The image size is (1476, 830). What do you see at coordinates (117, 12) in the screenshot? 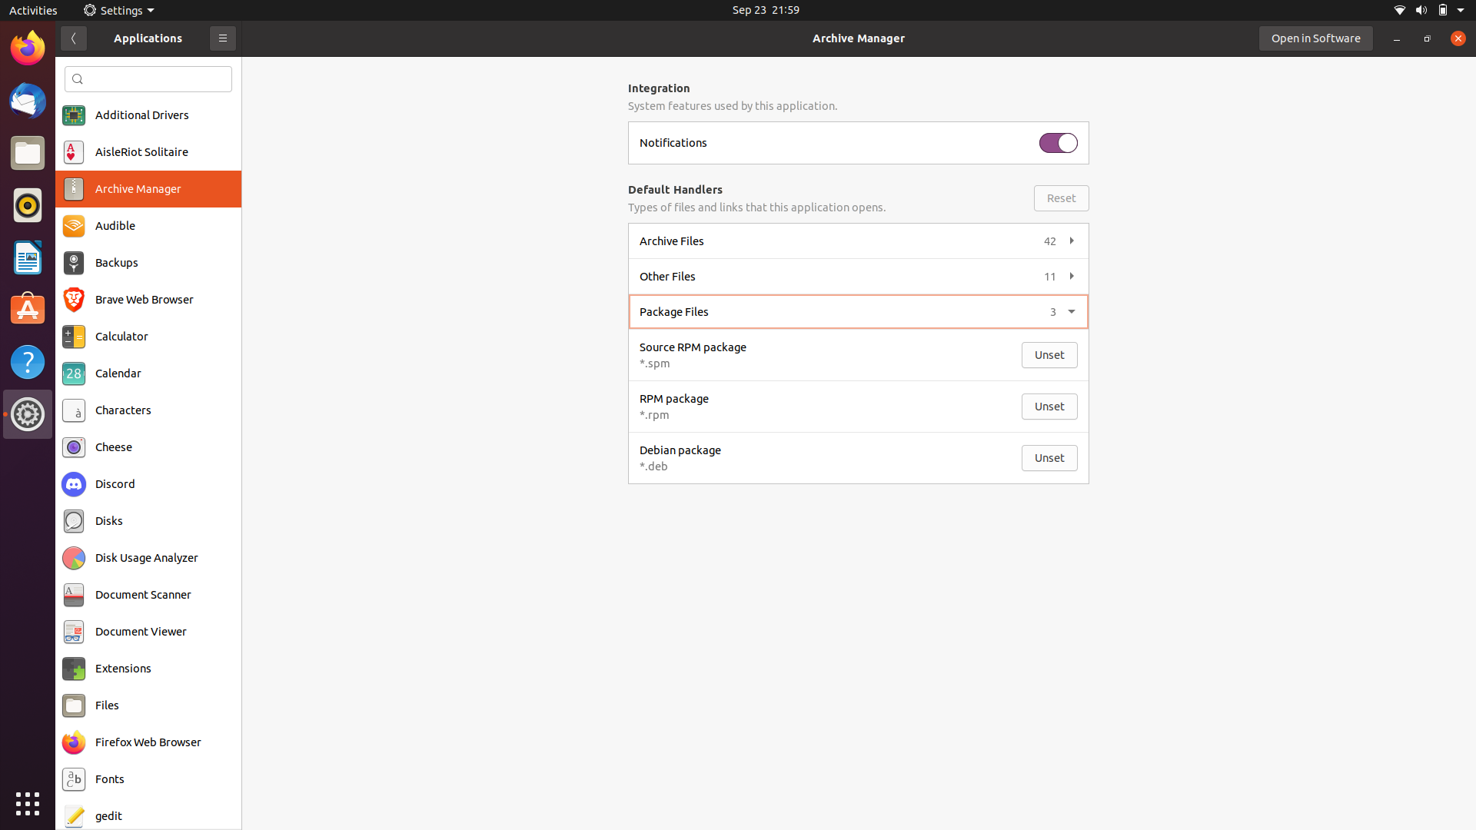
I see `Activate the Settings option` at bounding box center [117, 12].